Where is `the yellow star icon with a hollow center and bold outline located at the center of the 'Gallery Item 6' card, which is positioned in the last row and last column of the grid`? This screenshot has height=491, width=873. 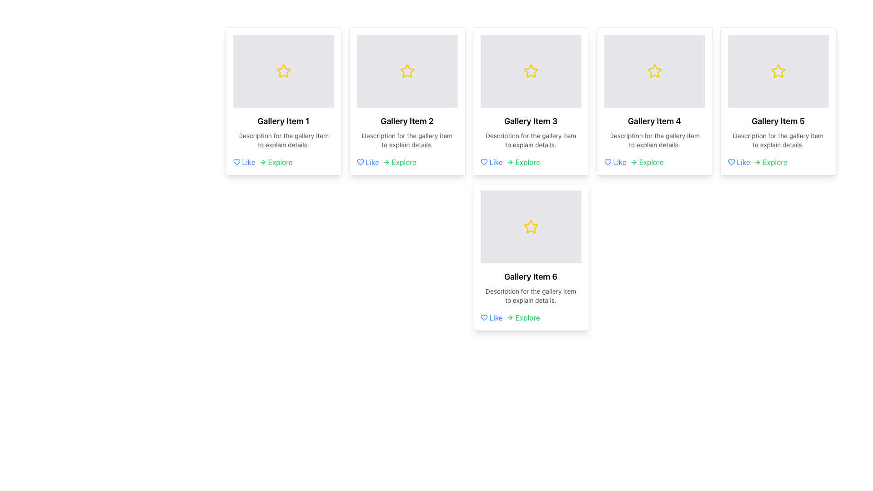
the yellow star icon with a hollow center and bold outline located at the center of the 'Gallery Item 6' card, which is positioned in the last row and last column of the grid is located at coordinates (531, 226).